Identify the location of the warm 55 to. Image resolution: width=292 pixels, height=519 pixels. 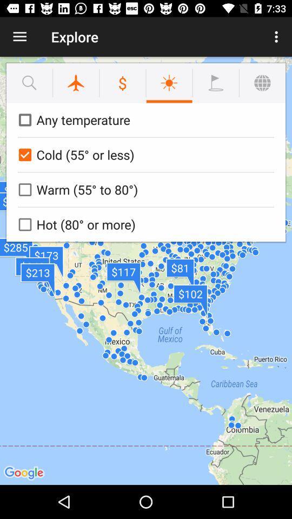
(144, 189).